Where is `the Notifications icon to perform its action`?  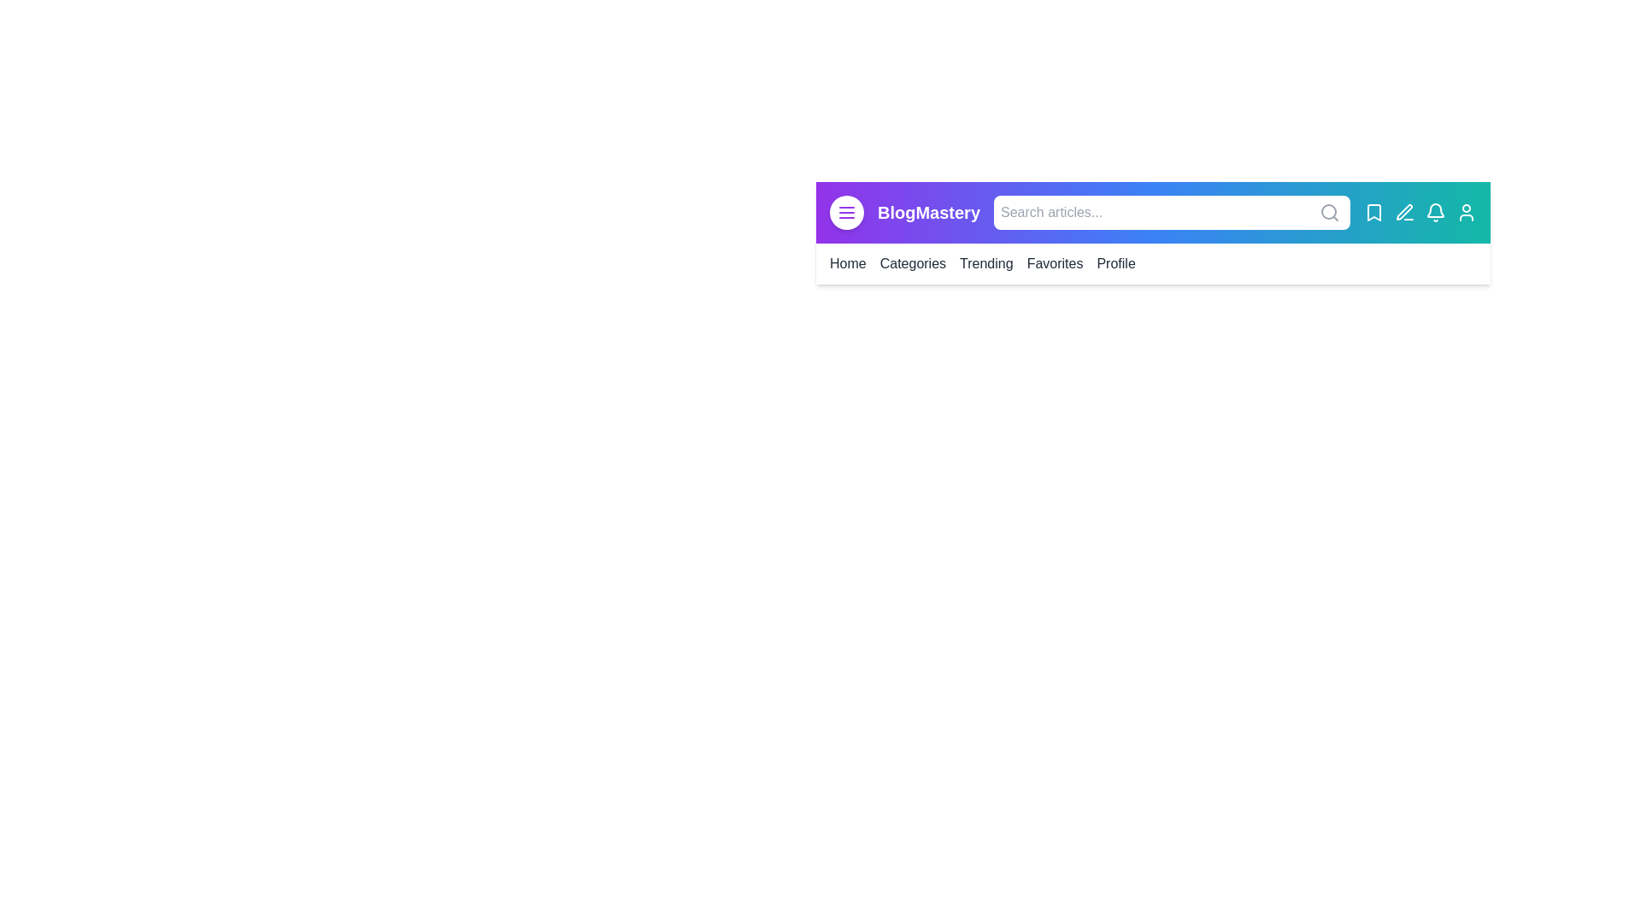 the Notifications icon to perform its action is located at coordinates (1436, 212).